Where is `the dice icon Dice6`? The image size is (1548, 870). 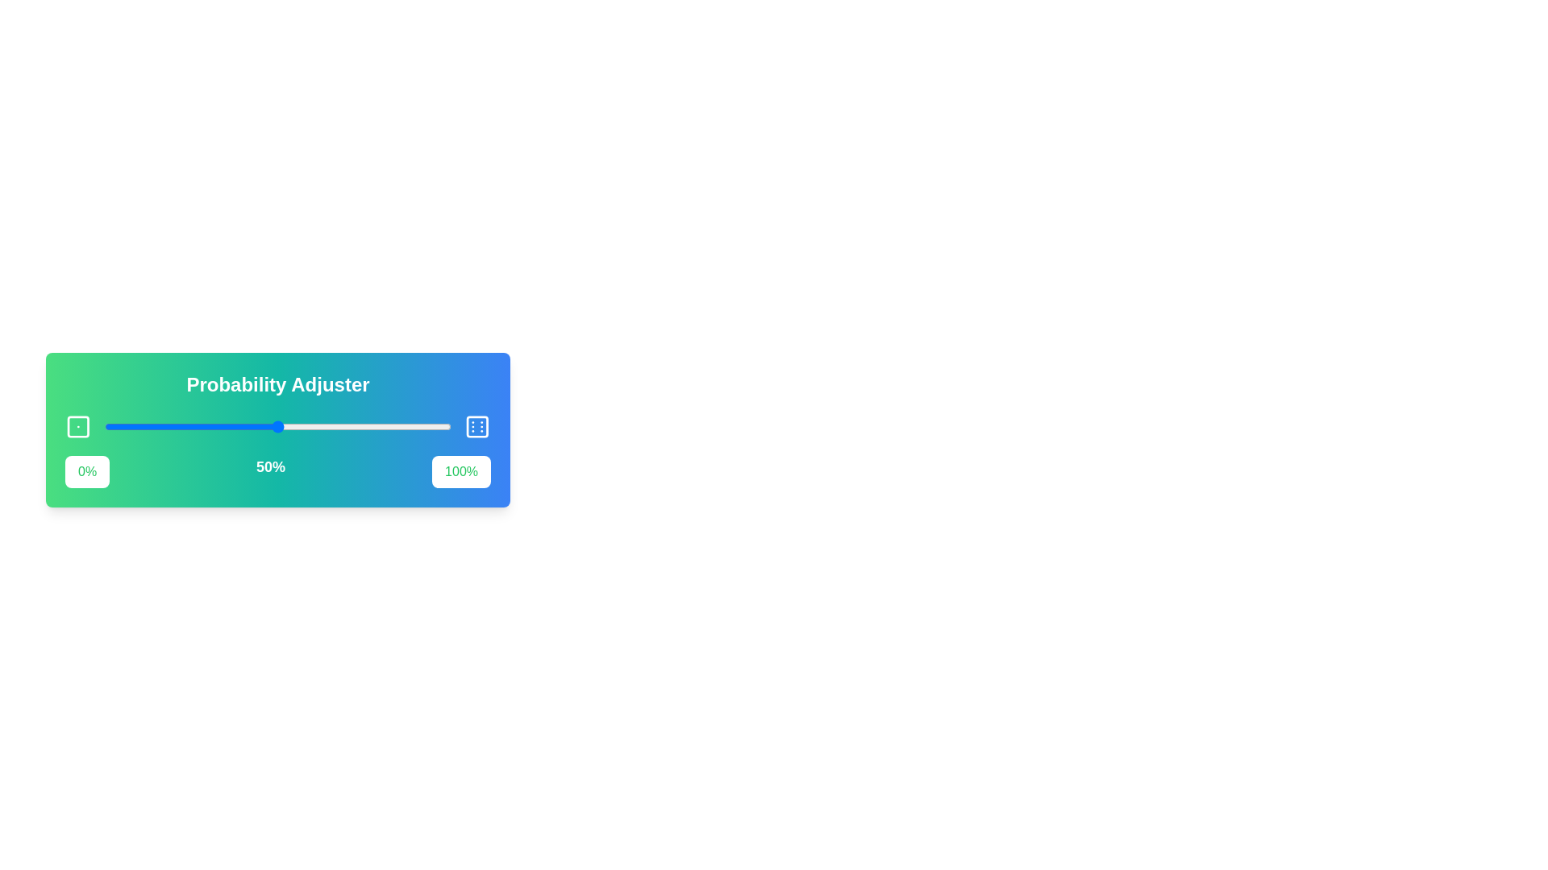 the dice icon Dice6 is located at coordinates (476, 425).